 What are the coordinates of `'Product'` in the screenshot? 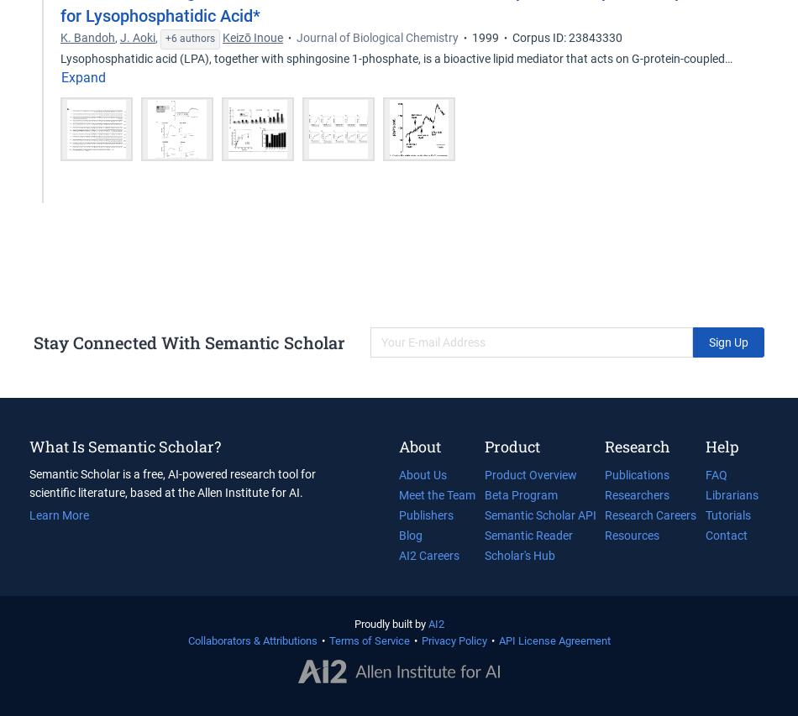 It's located at (512, 446).